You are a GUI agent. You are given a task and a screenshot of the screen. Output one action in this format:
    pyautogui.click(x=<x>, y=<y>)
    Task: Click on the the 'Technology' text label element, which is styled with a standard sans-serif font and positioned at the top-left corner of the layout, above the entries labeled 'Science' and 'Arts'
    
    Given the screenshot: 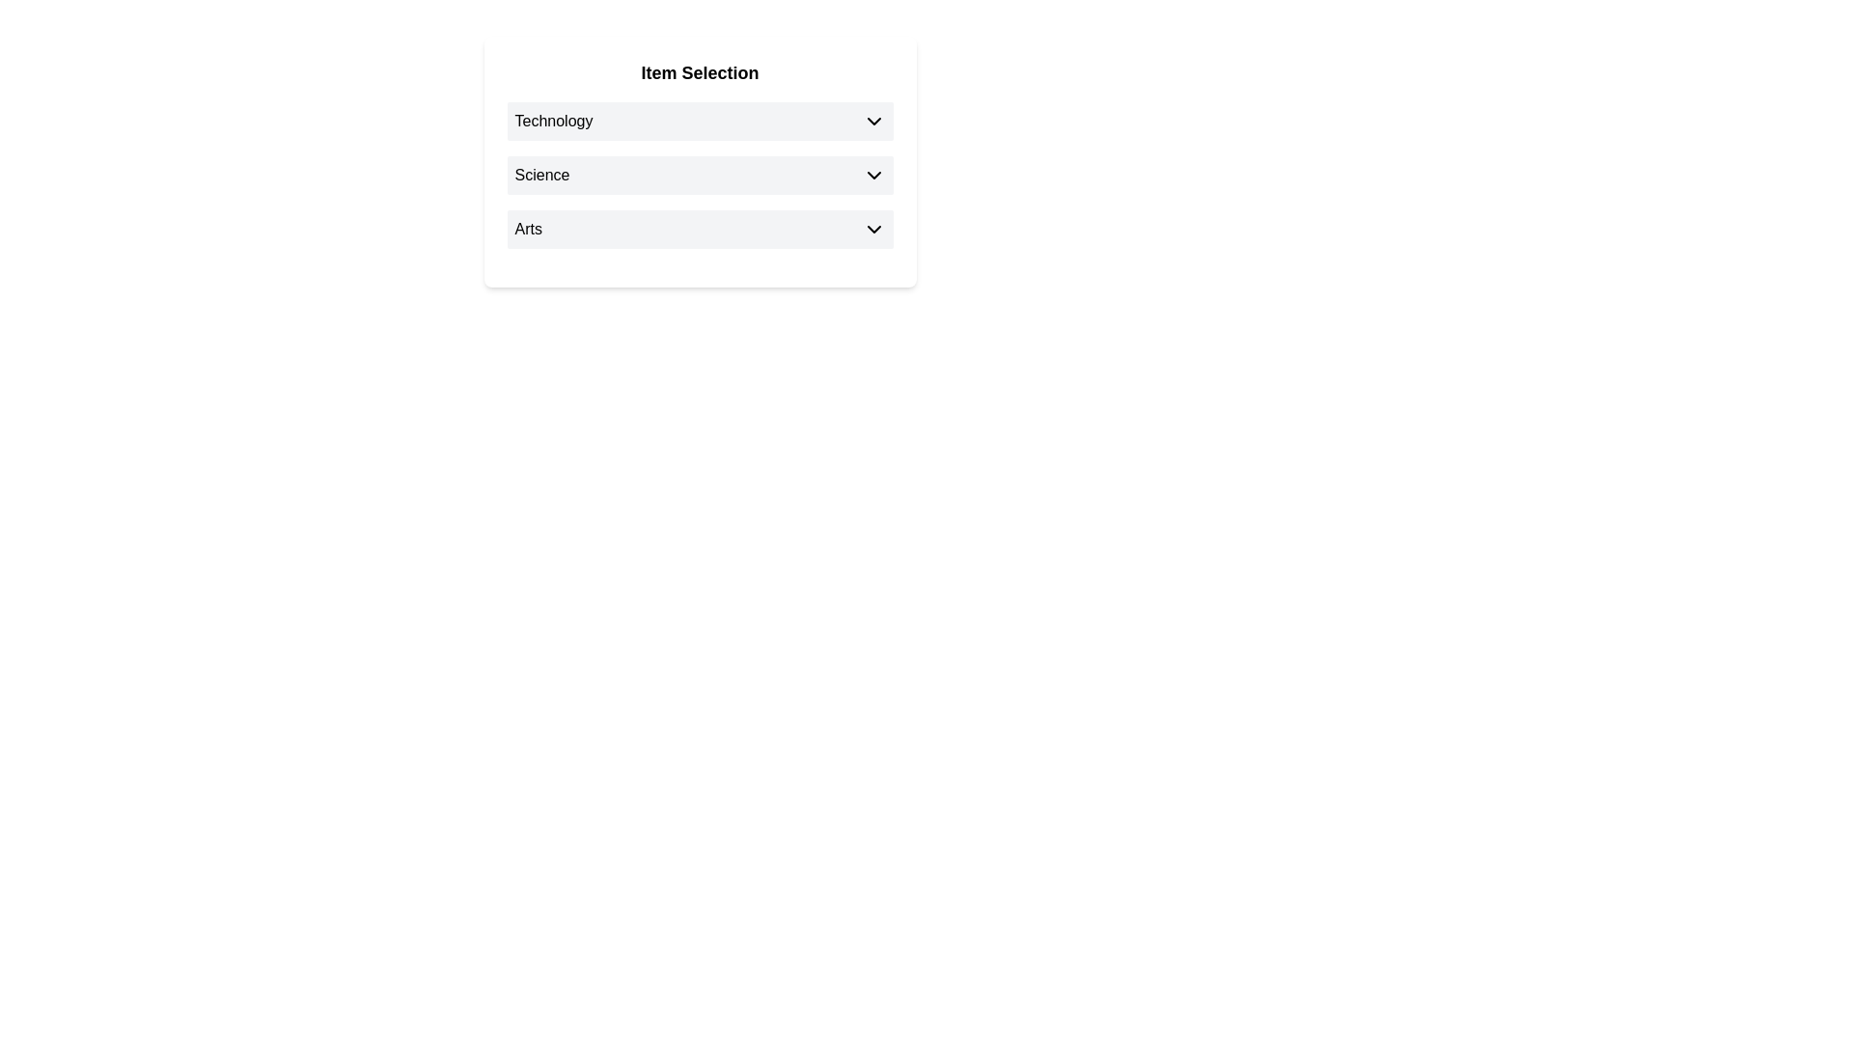 What is the action you would take?
    pyautogui.click(x=552, y=122)
    